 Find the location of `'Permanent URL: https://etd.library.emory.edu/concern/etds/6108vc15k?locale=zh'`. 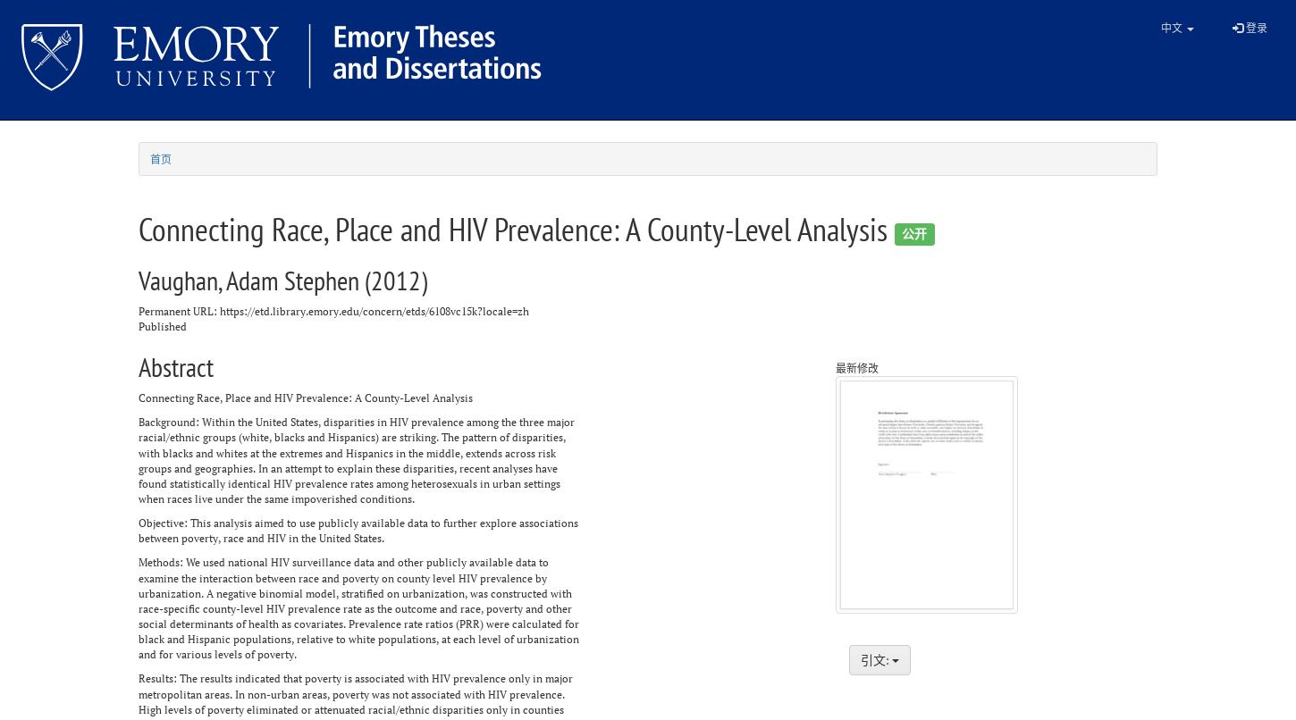

'Permanent URL: https://etd.library.emory.edu/concern/etds/6108vc15k?locale=zh' is located at coordinates (138, 309).